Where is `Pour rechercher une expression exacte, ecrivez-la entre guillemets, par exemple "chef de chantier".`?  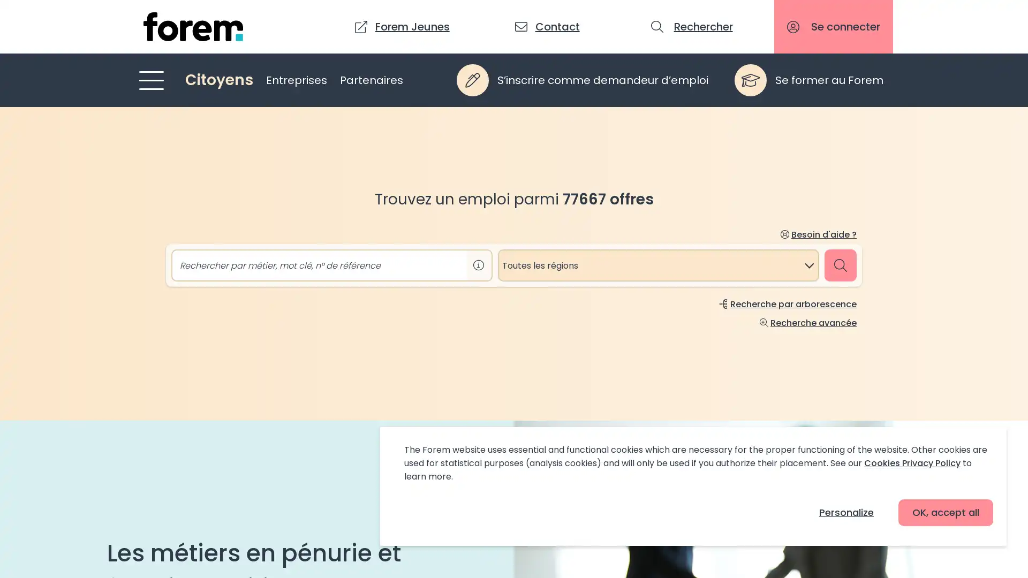 Pour rechercher une expression exacte, ecrivez-la entre guillemets, par exemple "chef de chantier". is located at coordinates (478, 265).